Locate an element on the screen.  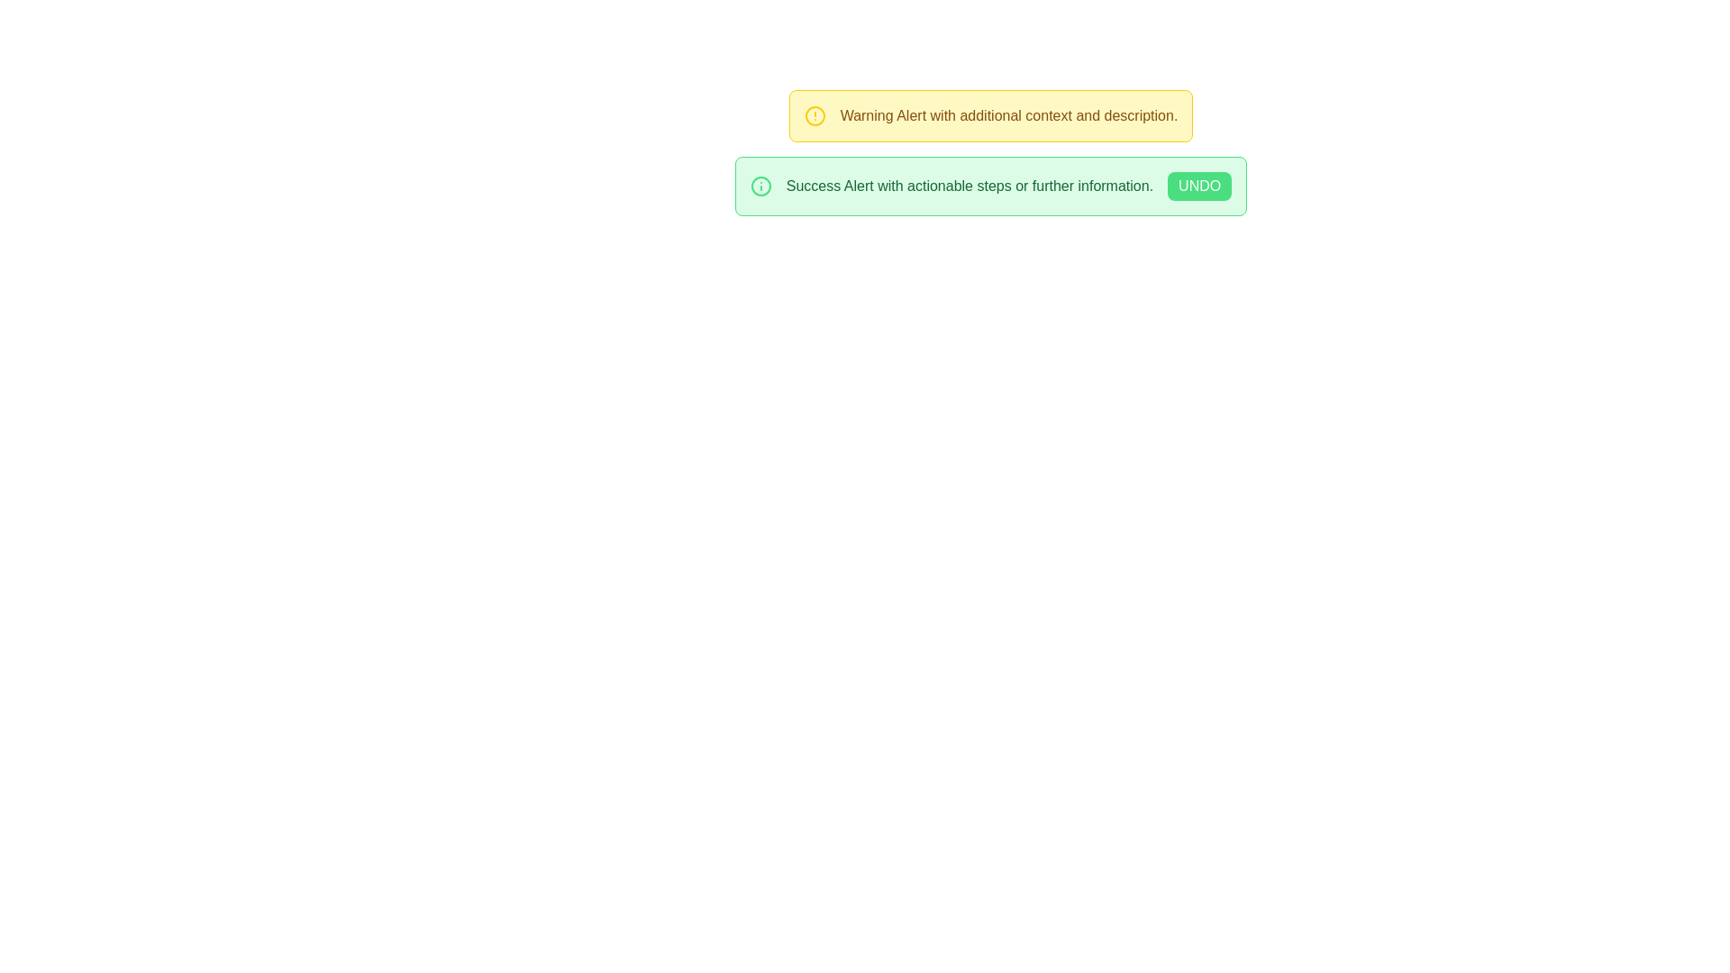
the notification box with a yellow border and light yellow background that contains a yellow warning symbol and the text 'Warning Alert with additional context and description.' is located at coordinates (989, 115).